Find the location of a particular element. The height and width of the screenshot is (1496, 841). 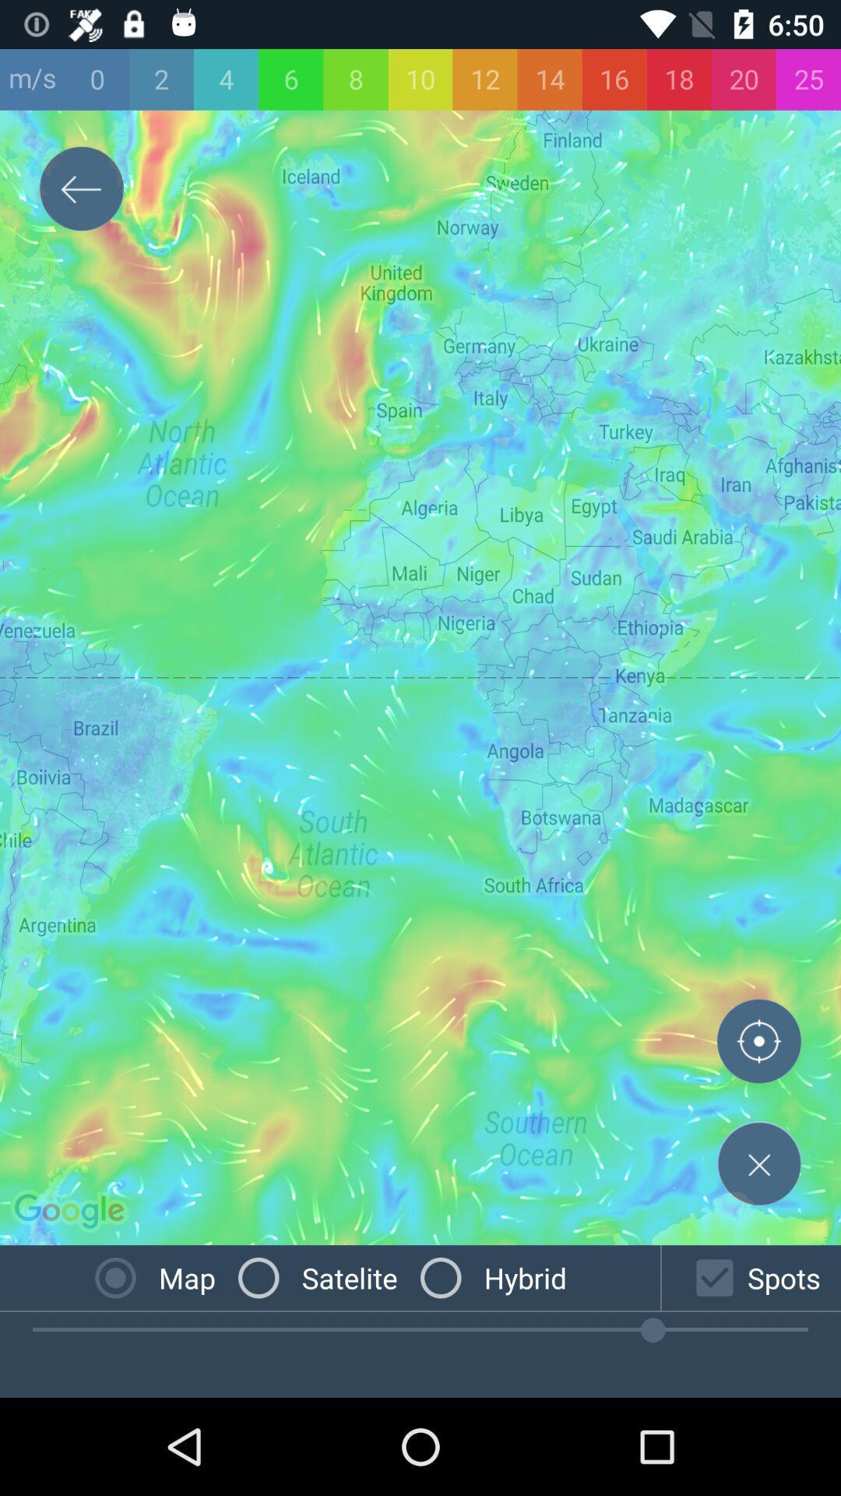

the close icon is located at coordinates (758, 1163).